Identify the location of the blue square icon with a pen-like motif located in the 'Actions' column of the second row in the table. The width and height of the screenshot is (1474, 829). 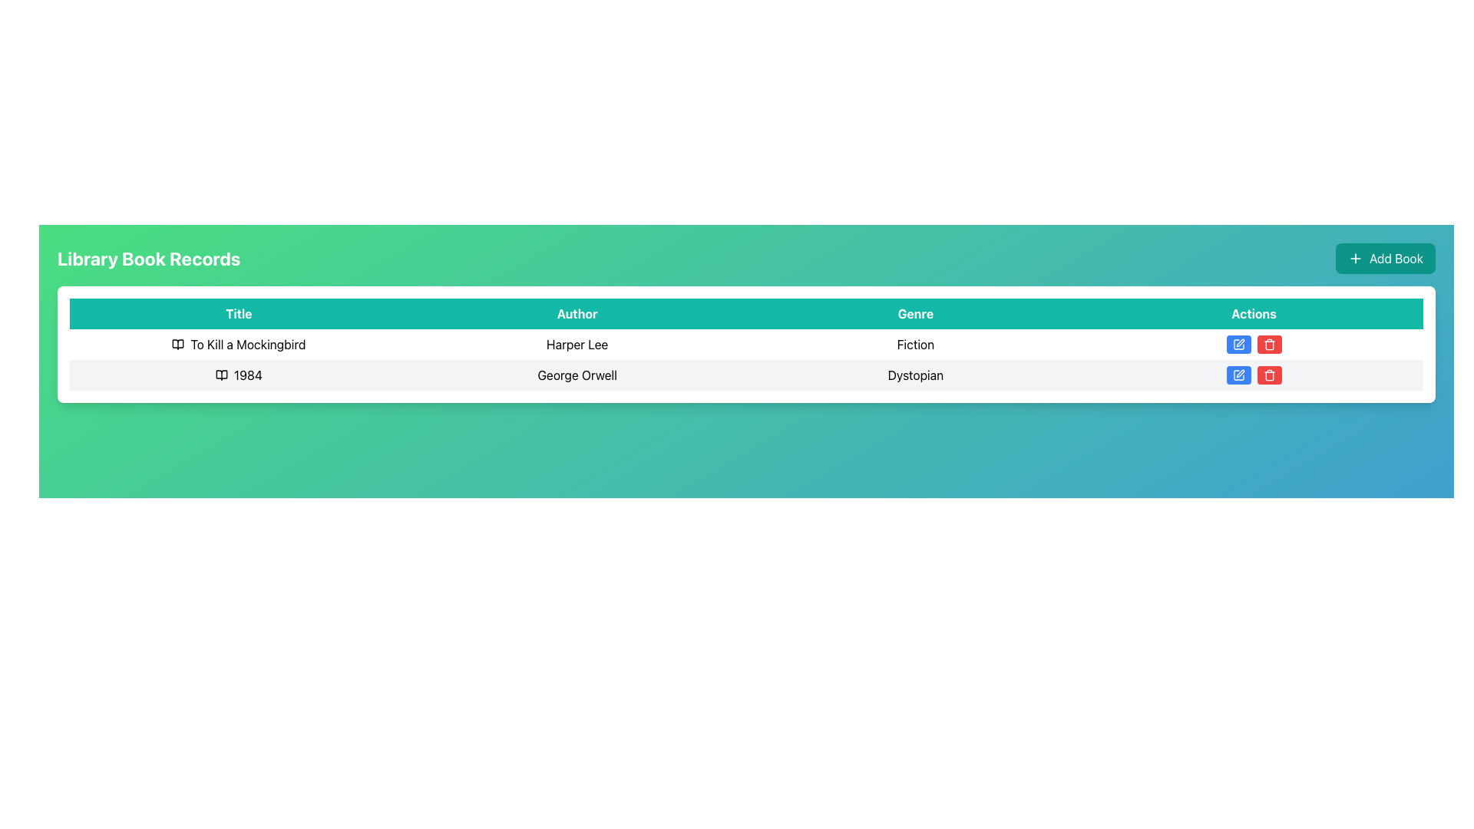
(1238, 343).